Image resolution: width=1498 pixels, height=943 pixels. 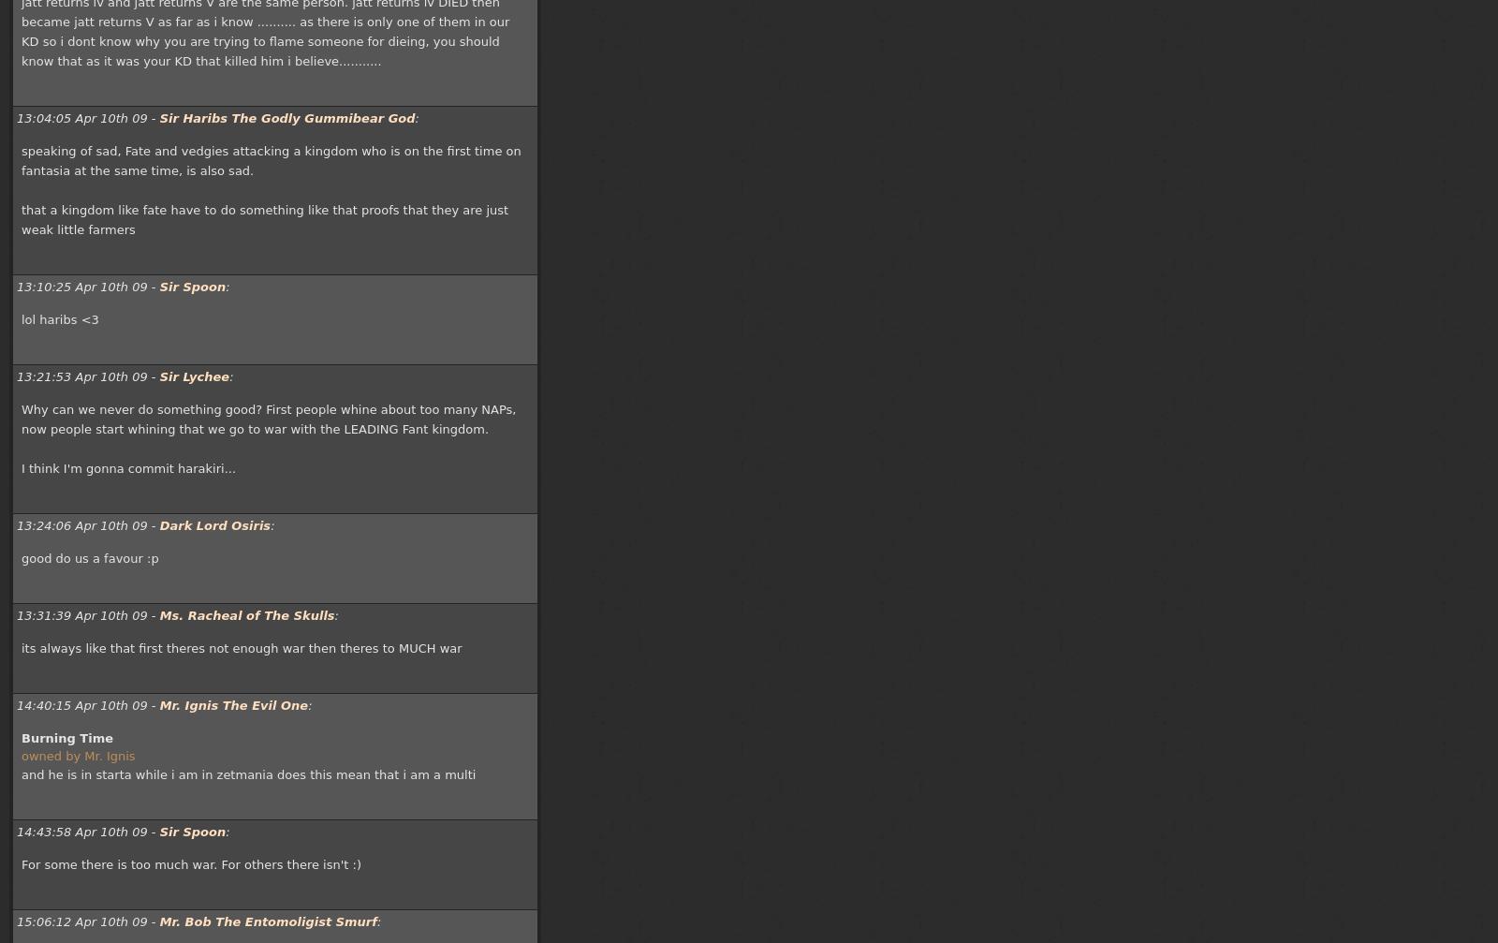 What do you see at coordinates (246, 614) in the screenshot?
I see `'Ms. Racheal of The Skulls'` at bounding box center [246, 614].